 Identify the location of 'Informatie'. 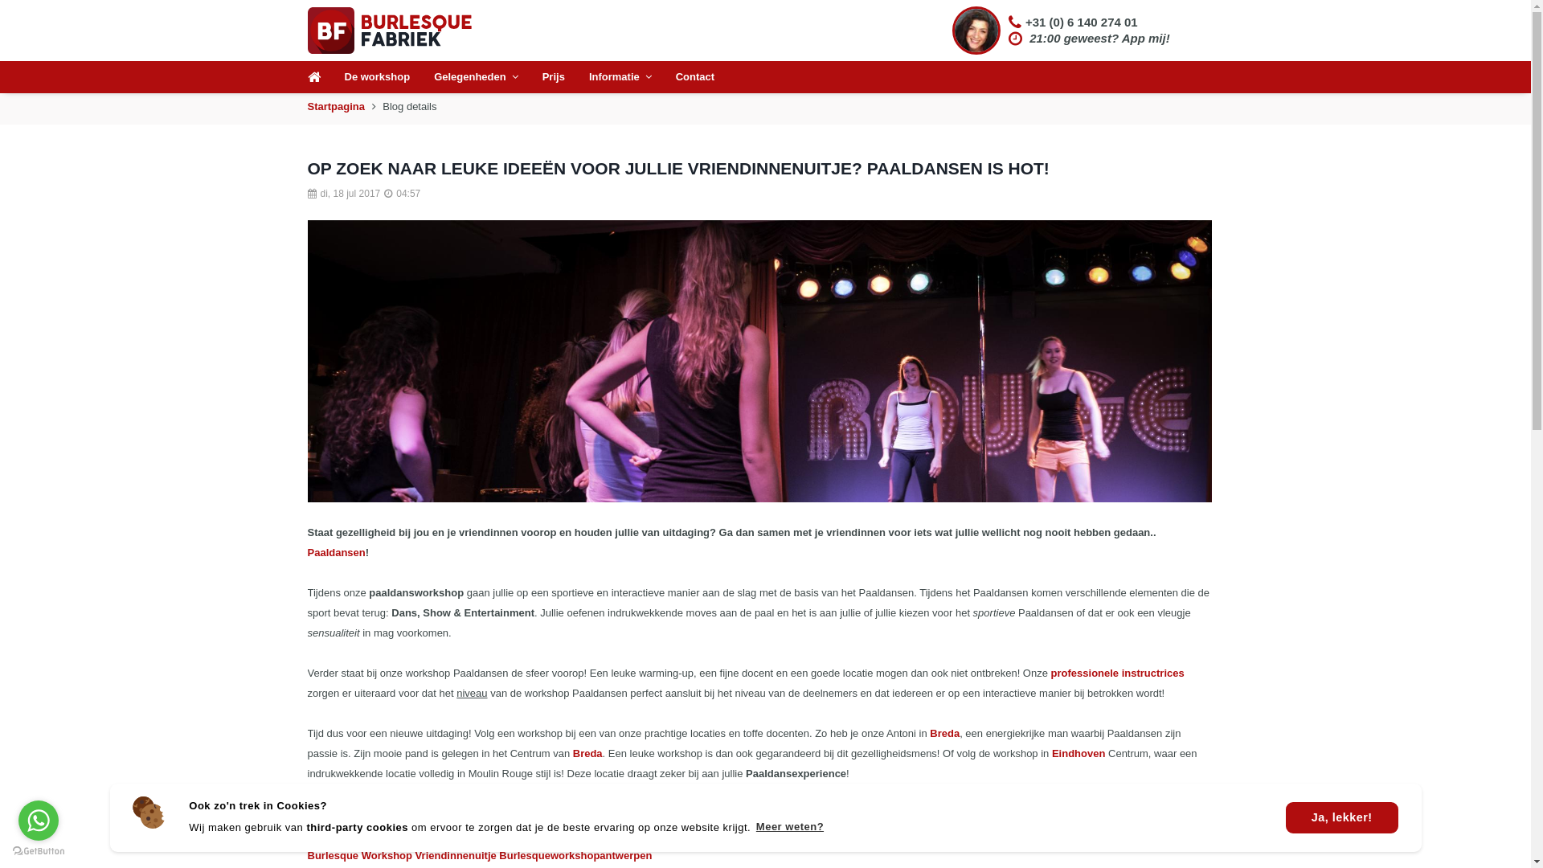
(620, 77).